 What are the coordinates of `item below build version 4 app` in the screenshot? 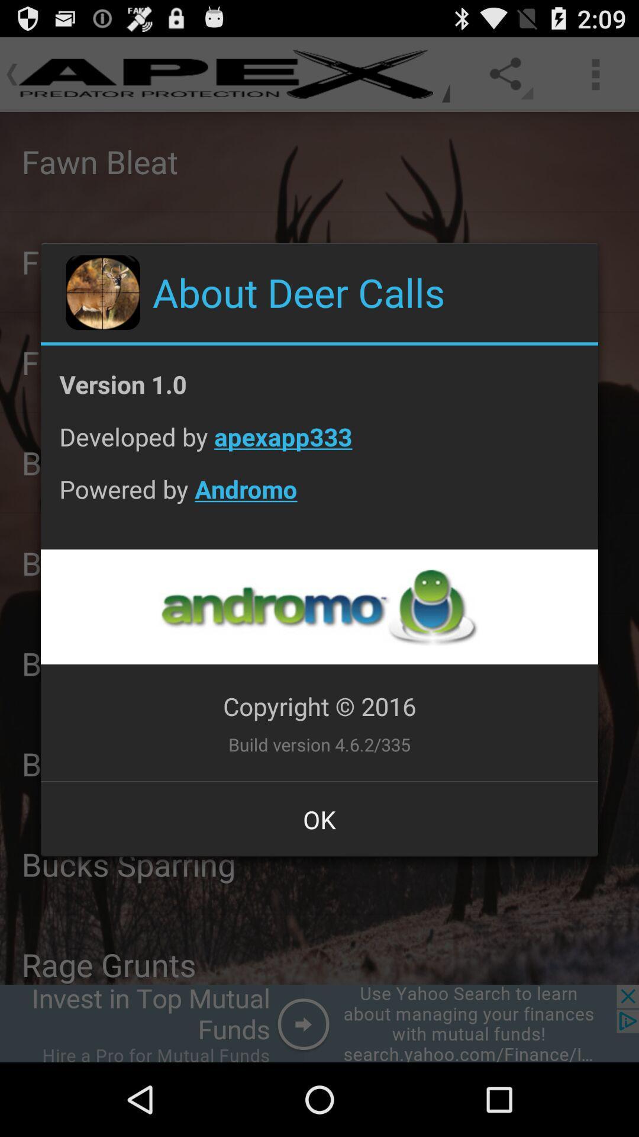 It's located at (319, 818).